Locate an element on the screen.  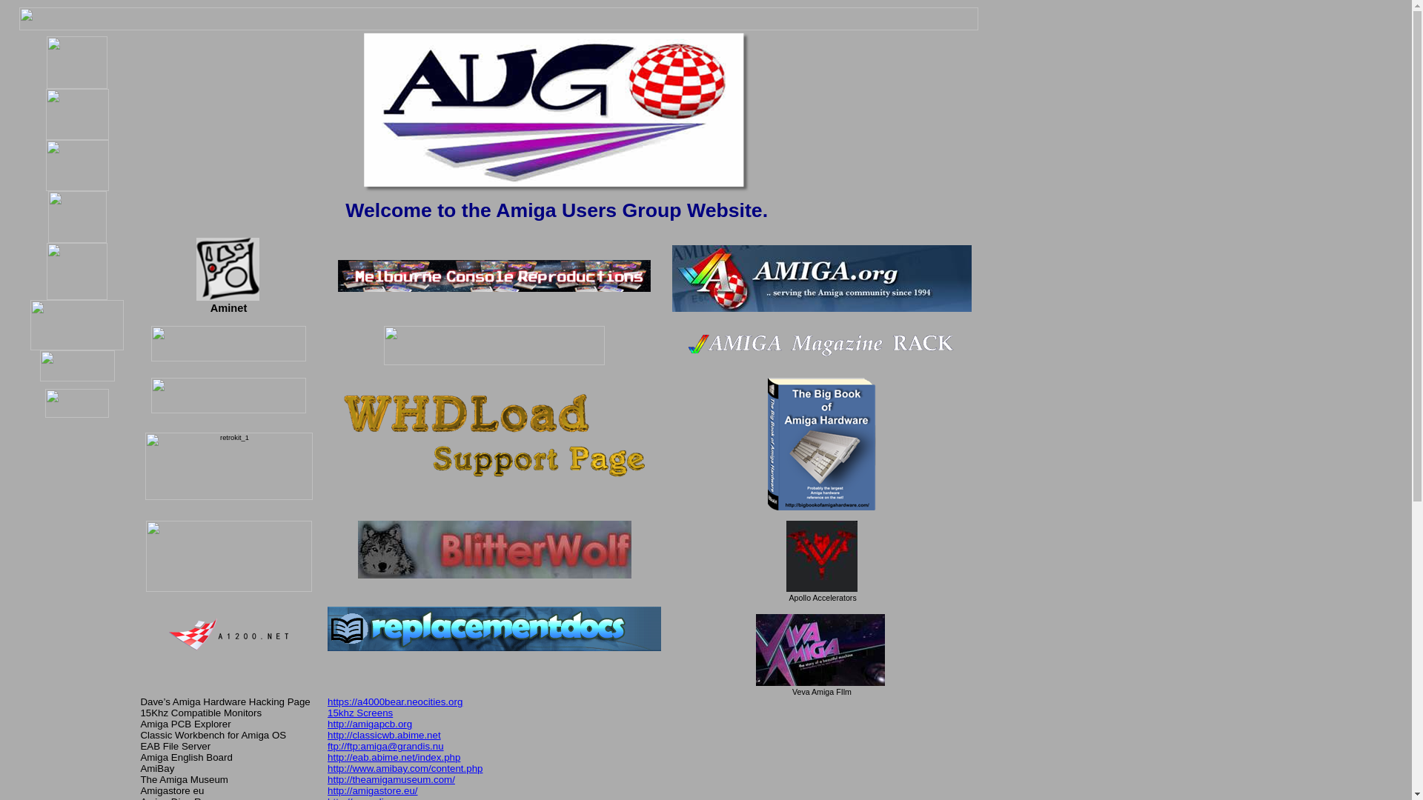
'http://www.amibay.com/content.php' is located at coordinates (405, 767).